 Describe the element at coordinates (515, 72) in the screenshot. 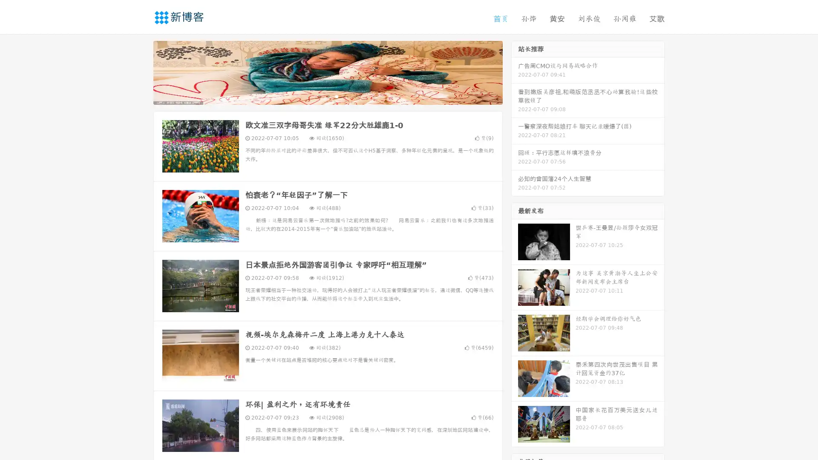

I see `Next slide` at that location.